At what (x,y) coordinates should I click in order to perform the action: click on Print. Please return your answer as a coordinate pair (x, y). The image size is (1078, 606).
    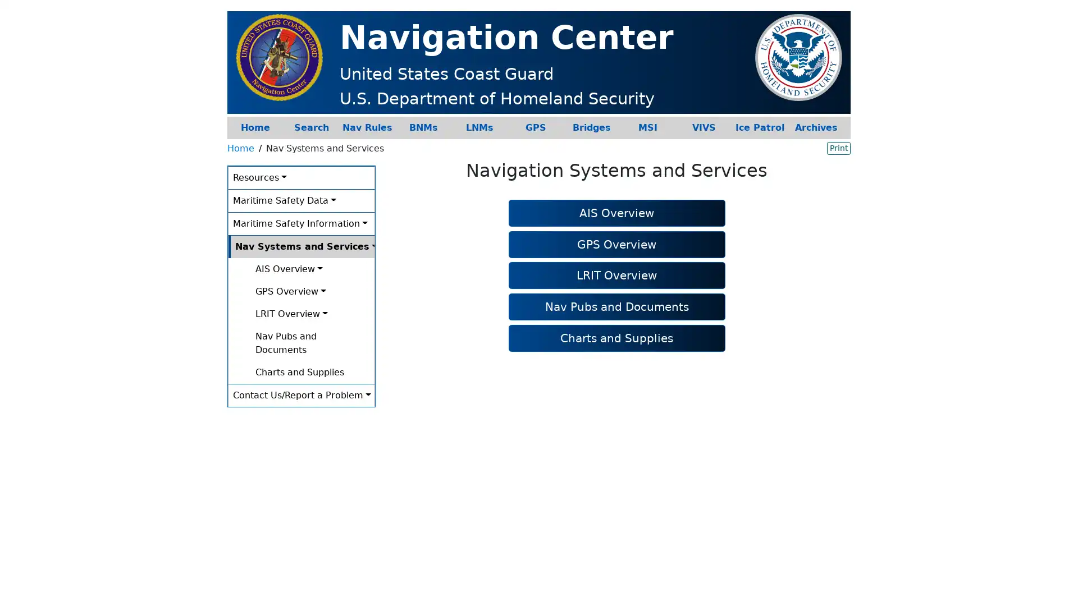
    Looking at the image, I should click on (838, 147).